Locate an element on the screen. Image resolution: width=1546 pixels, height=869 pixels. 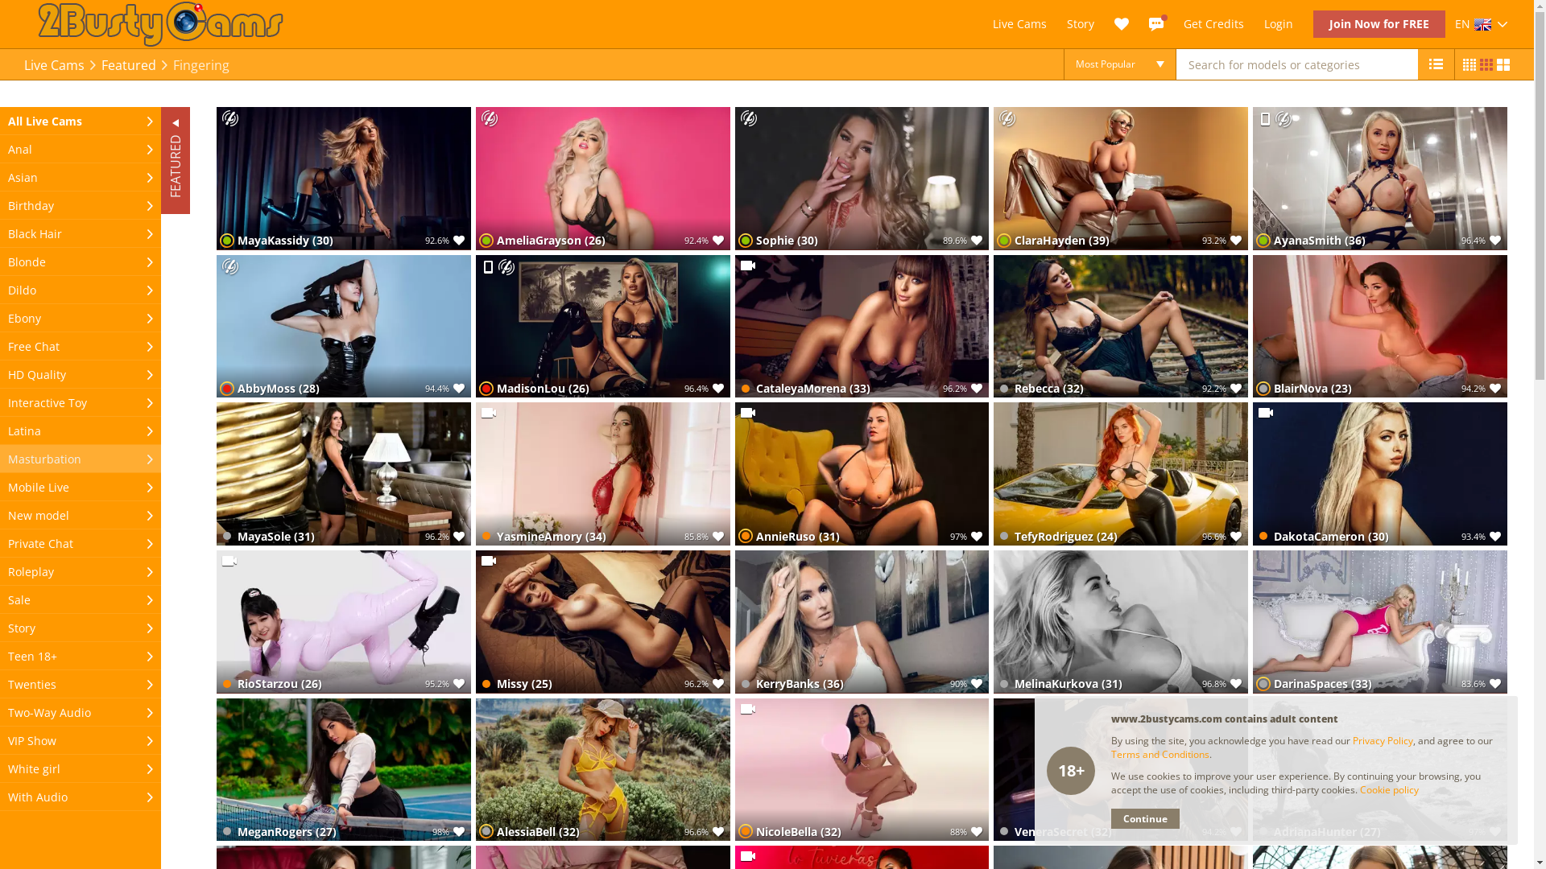
'Asian' is located at coordinates (80, 177).